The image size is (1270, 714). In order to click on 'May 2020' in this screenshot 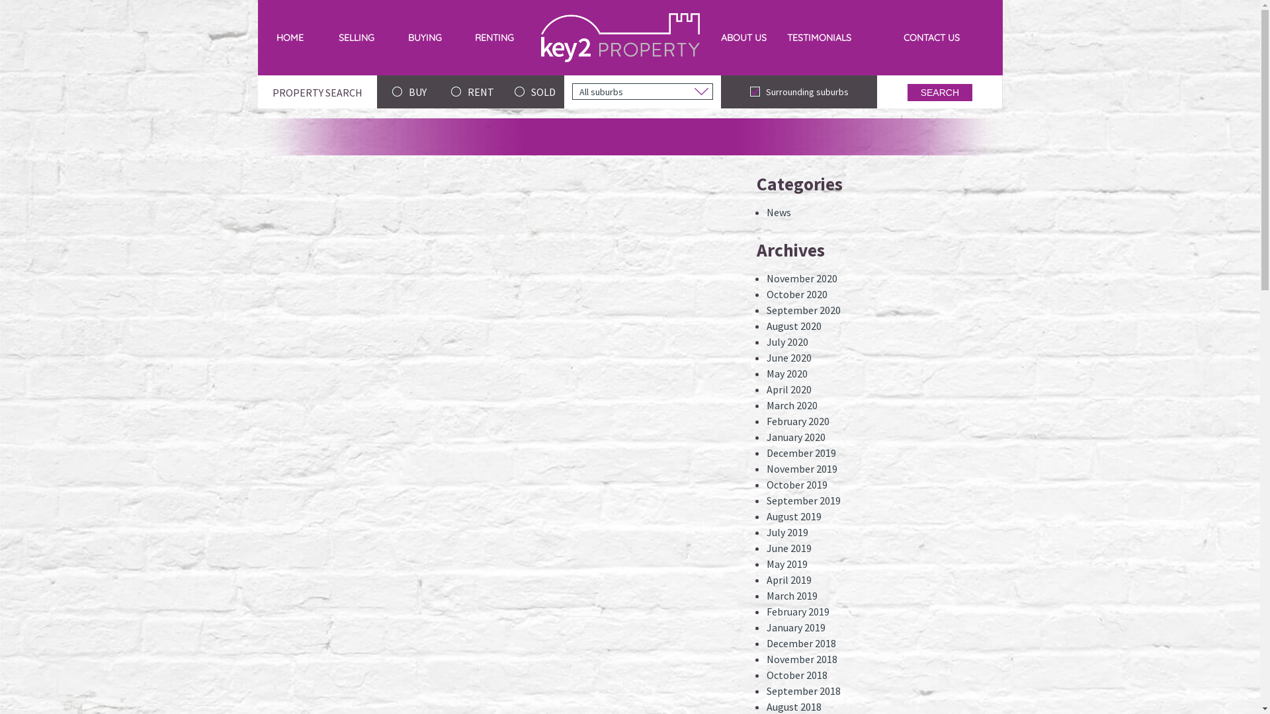, I will do `click(766, 373)`.